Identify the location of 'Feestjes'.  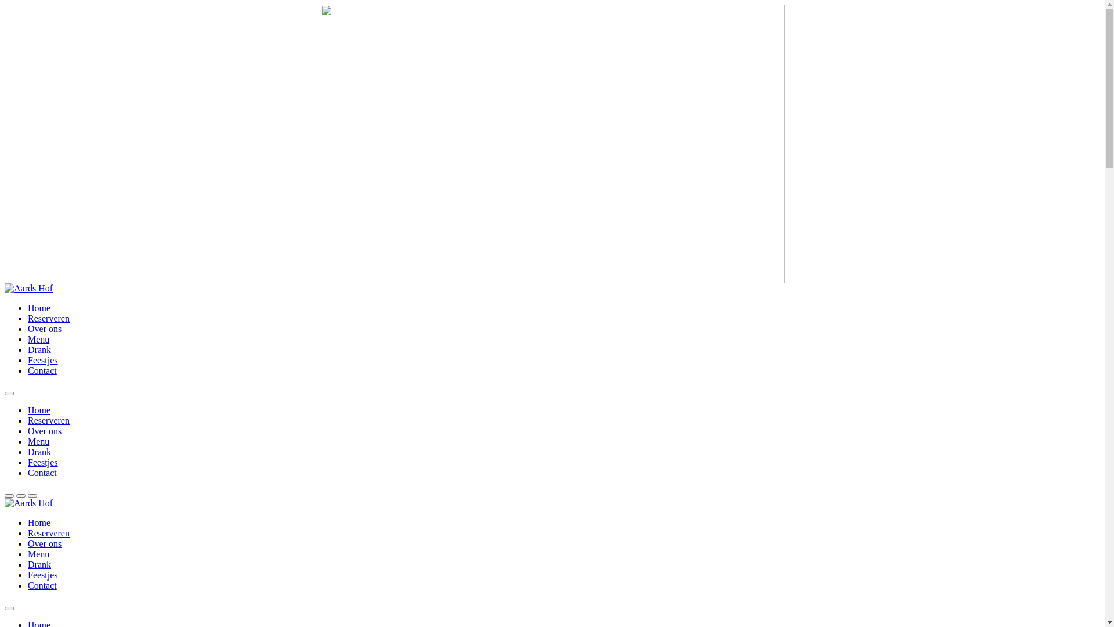
(28, 359).